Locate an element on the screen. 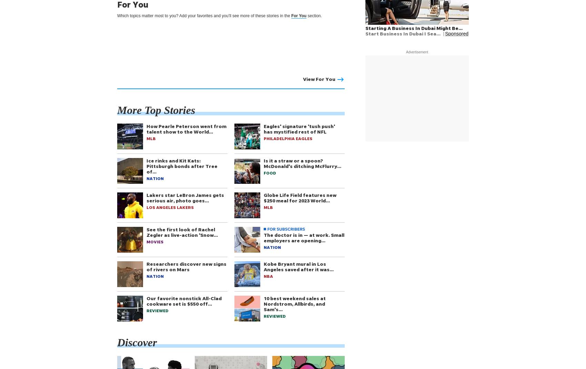 The height and width of the screenshot is (369, 586). 'section.' is located at coordinates (314, 15).